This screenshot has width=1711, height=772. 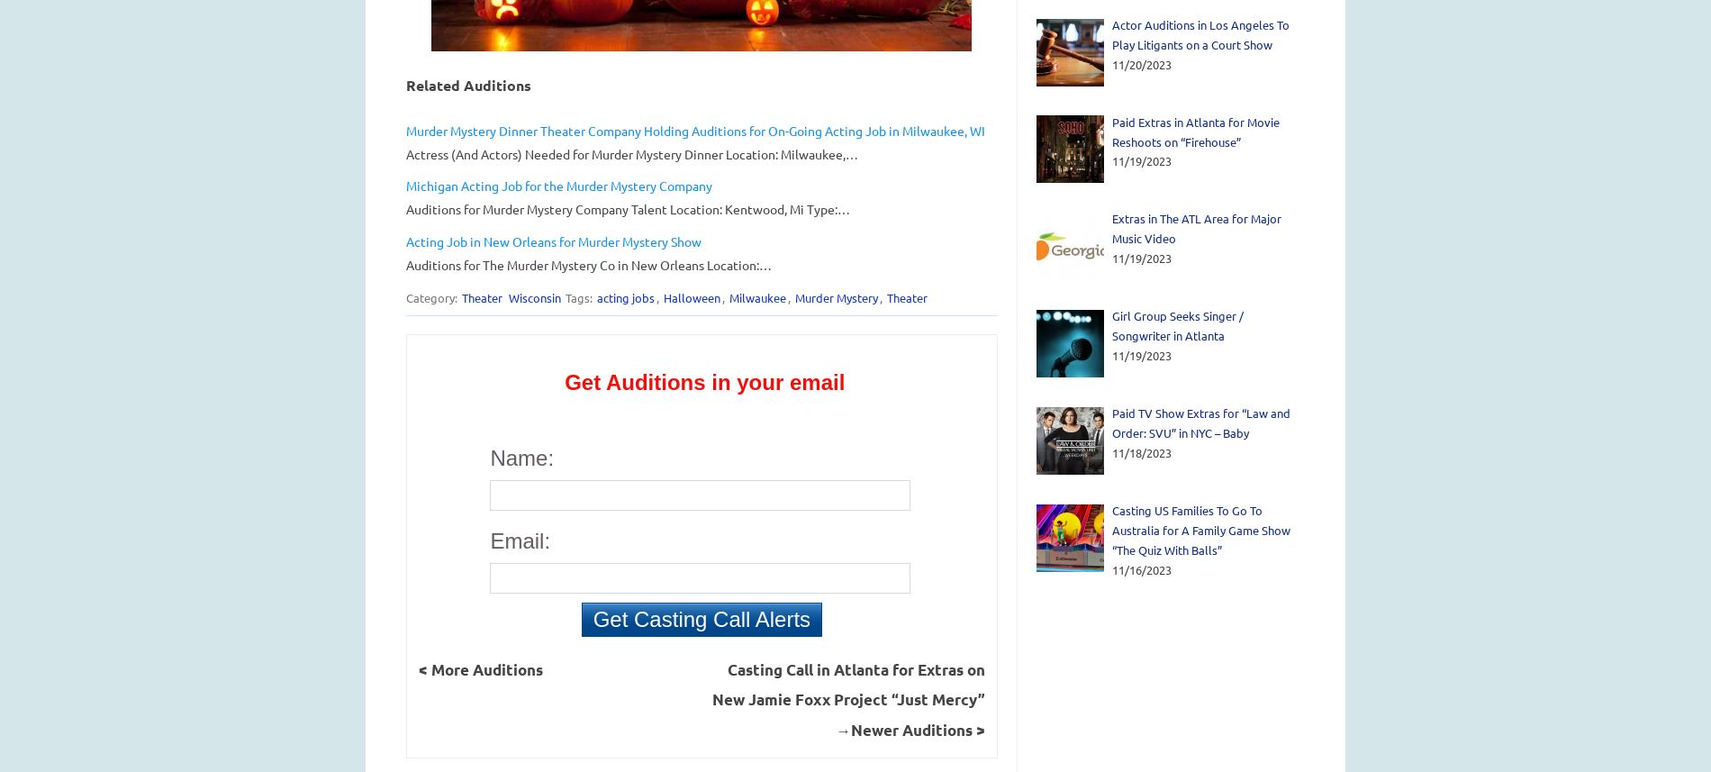 I want to click on '11/18/2023', so click(x=1111, y=452).